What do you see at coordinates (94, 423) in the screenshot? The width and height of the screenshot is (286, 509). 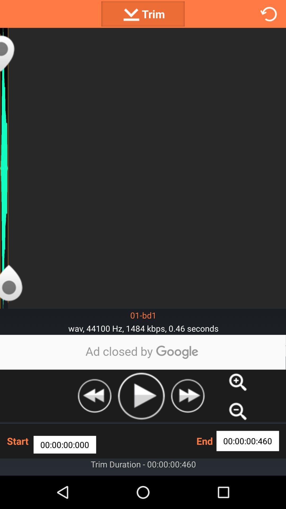 I see `the av_rewind icon` at bounding box center [94, 423].